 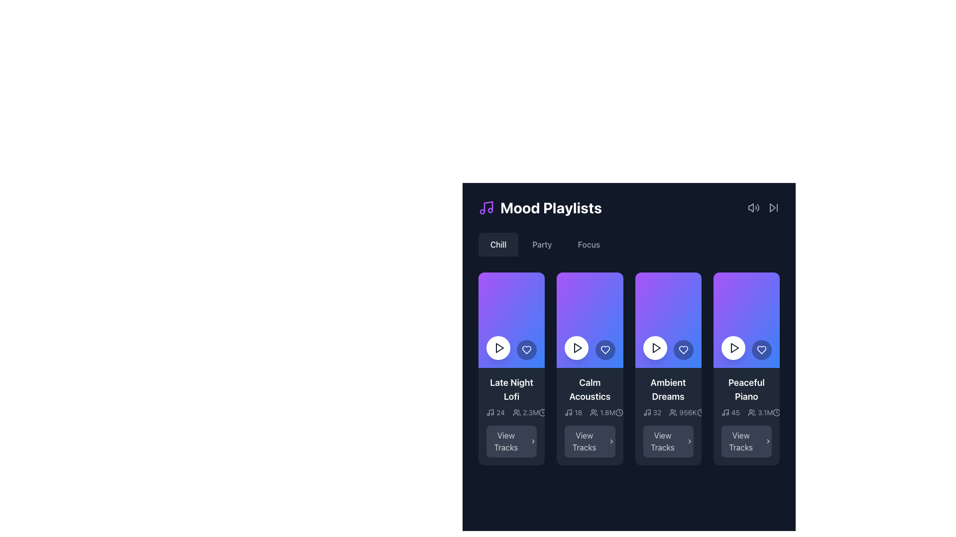 What do you see at coordinates (511, 412) in the screenshot?
I see `the icon and text displaying '2.3M' within the 'Late Night Lofi' playlist section, located in the bottom area of the playlist` at bounding box center [511, 412].